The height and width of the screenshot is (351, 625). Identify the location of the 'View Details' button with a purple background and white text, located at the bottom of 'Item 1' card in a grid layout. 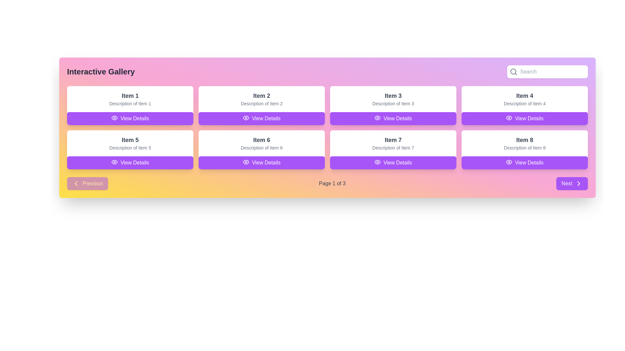
(130, 119).